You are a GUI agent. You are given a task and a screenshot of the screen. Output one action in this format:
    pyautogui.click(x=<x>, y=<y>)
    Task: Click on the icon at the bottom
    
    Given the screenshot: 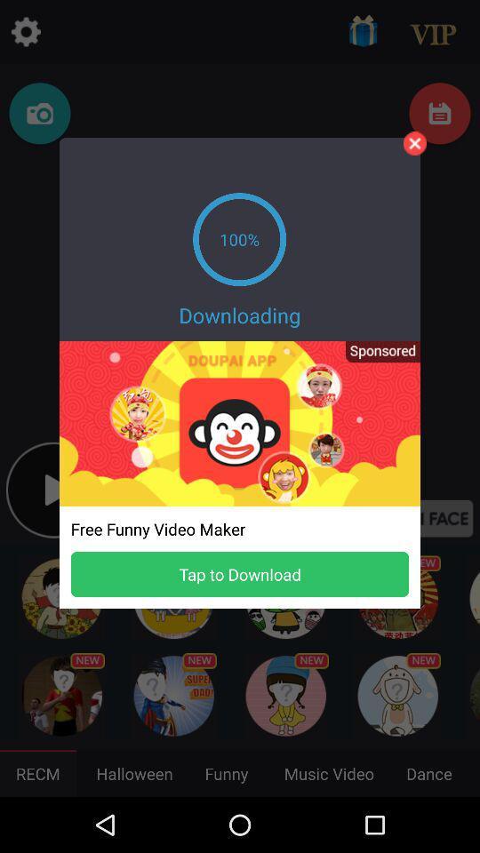 What is the action you would take?
    pyautogui.click(x=240, y=573)
    